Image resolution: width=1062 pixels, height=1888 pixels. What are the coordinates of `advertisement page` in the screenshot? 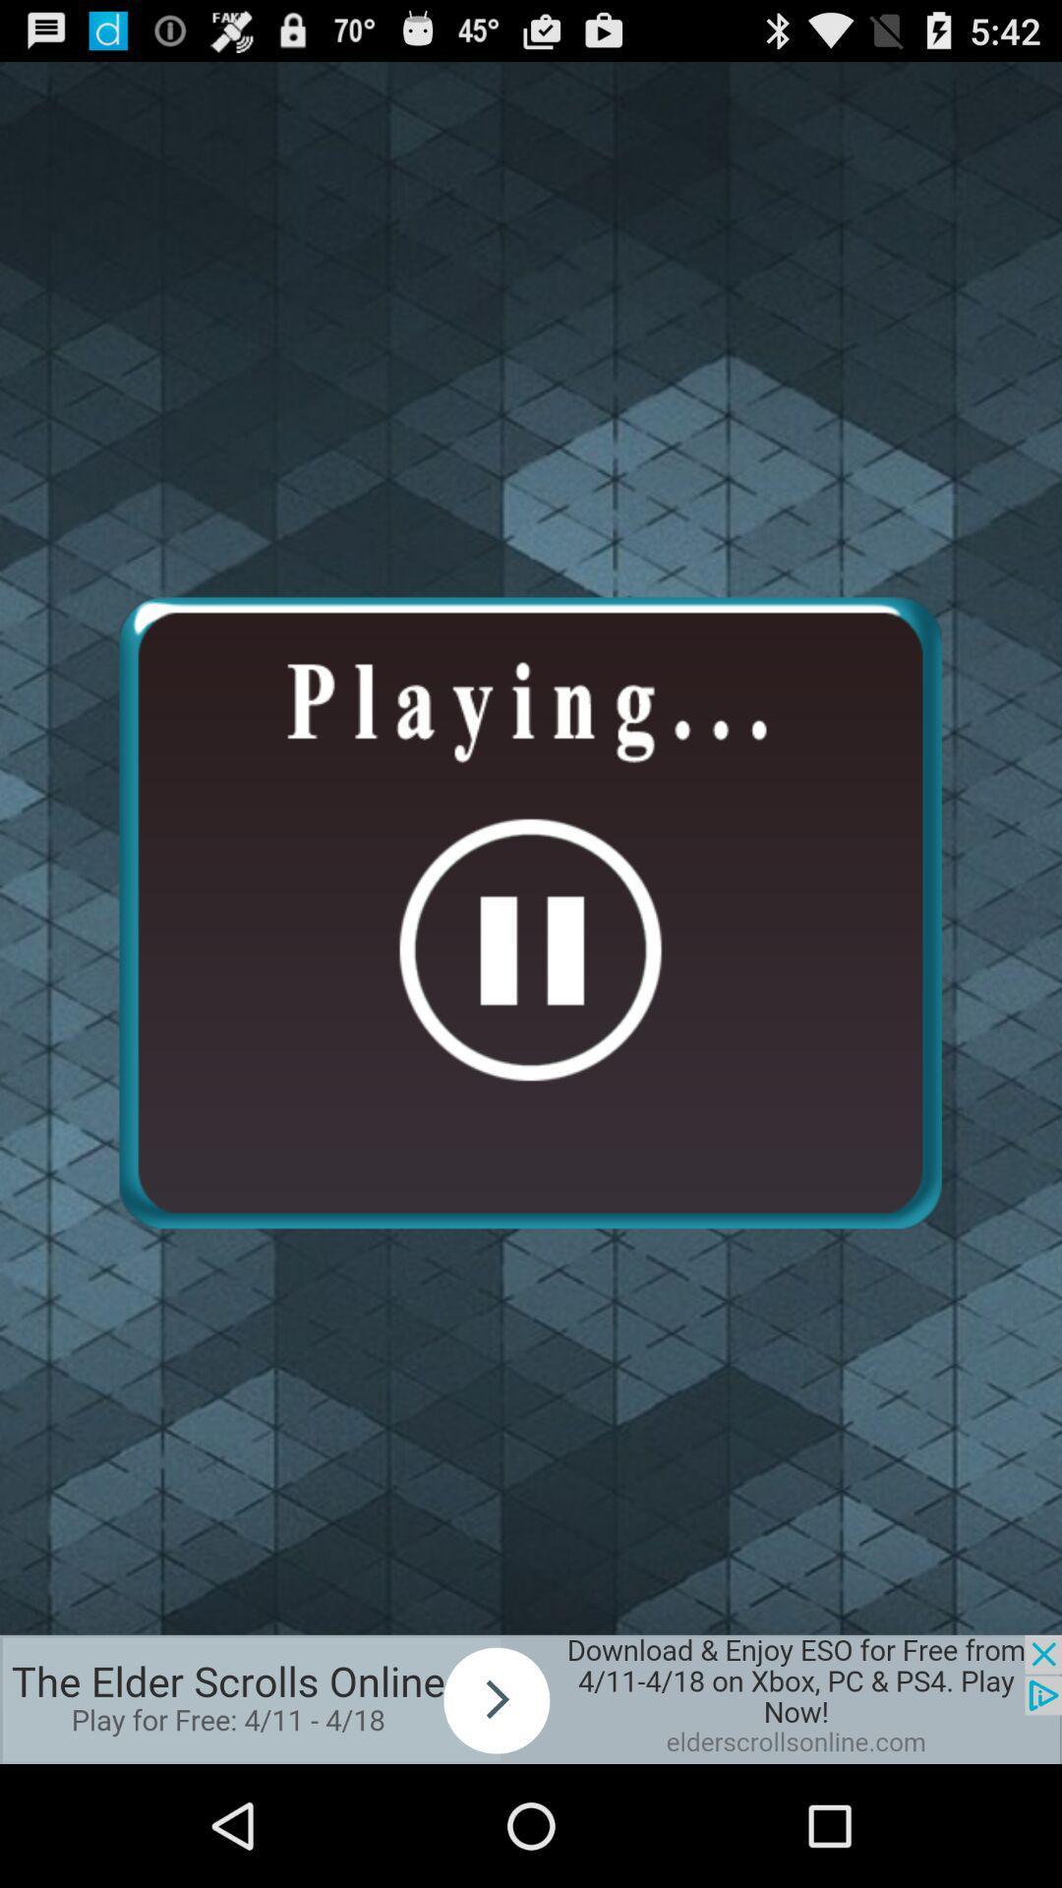 It's located at (531, 1698).